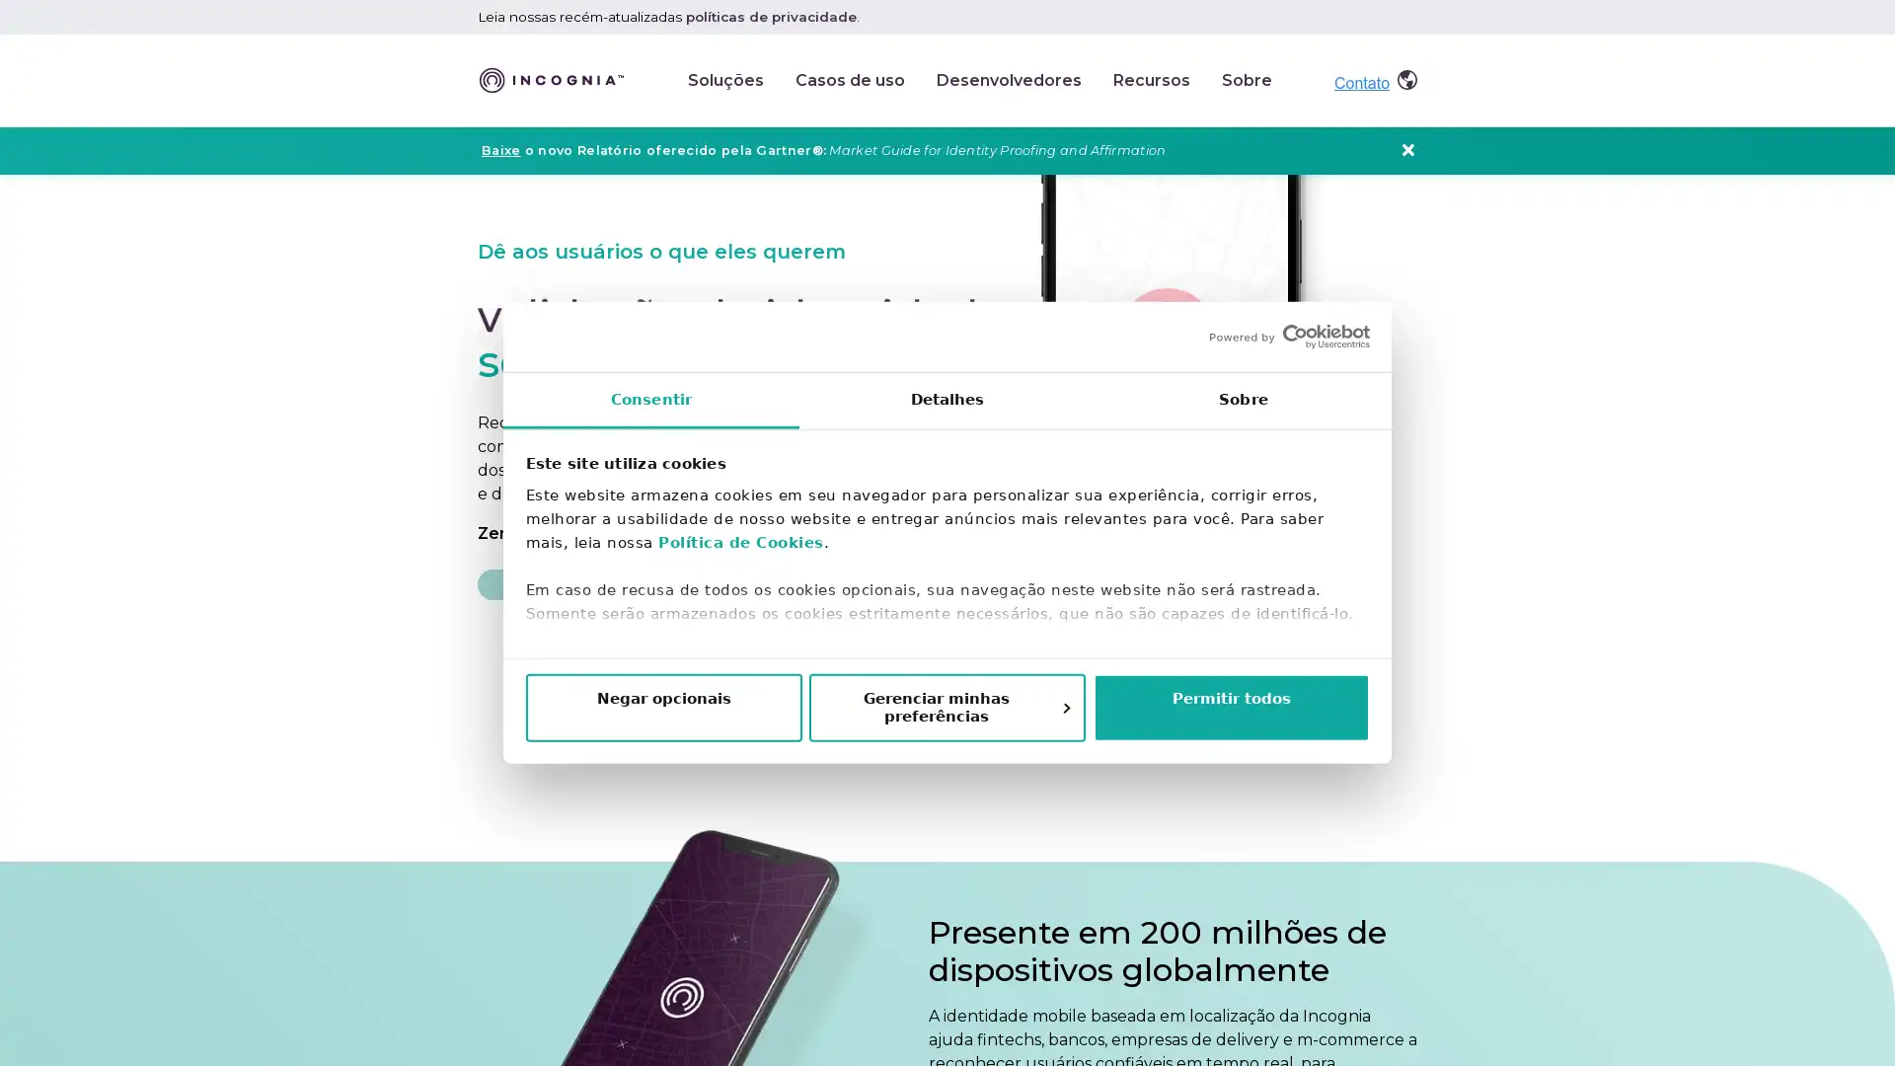 The image size is (1895, 1066). I want to click on Permitir todos, so click(1230, 707).